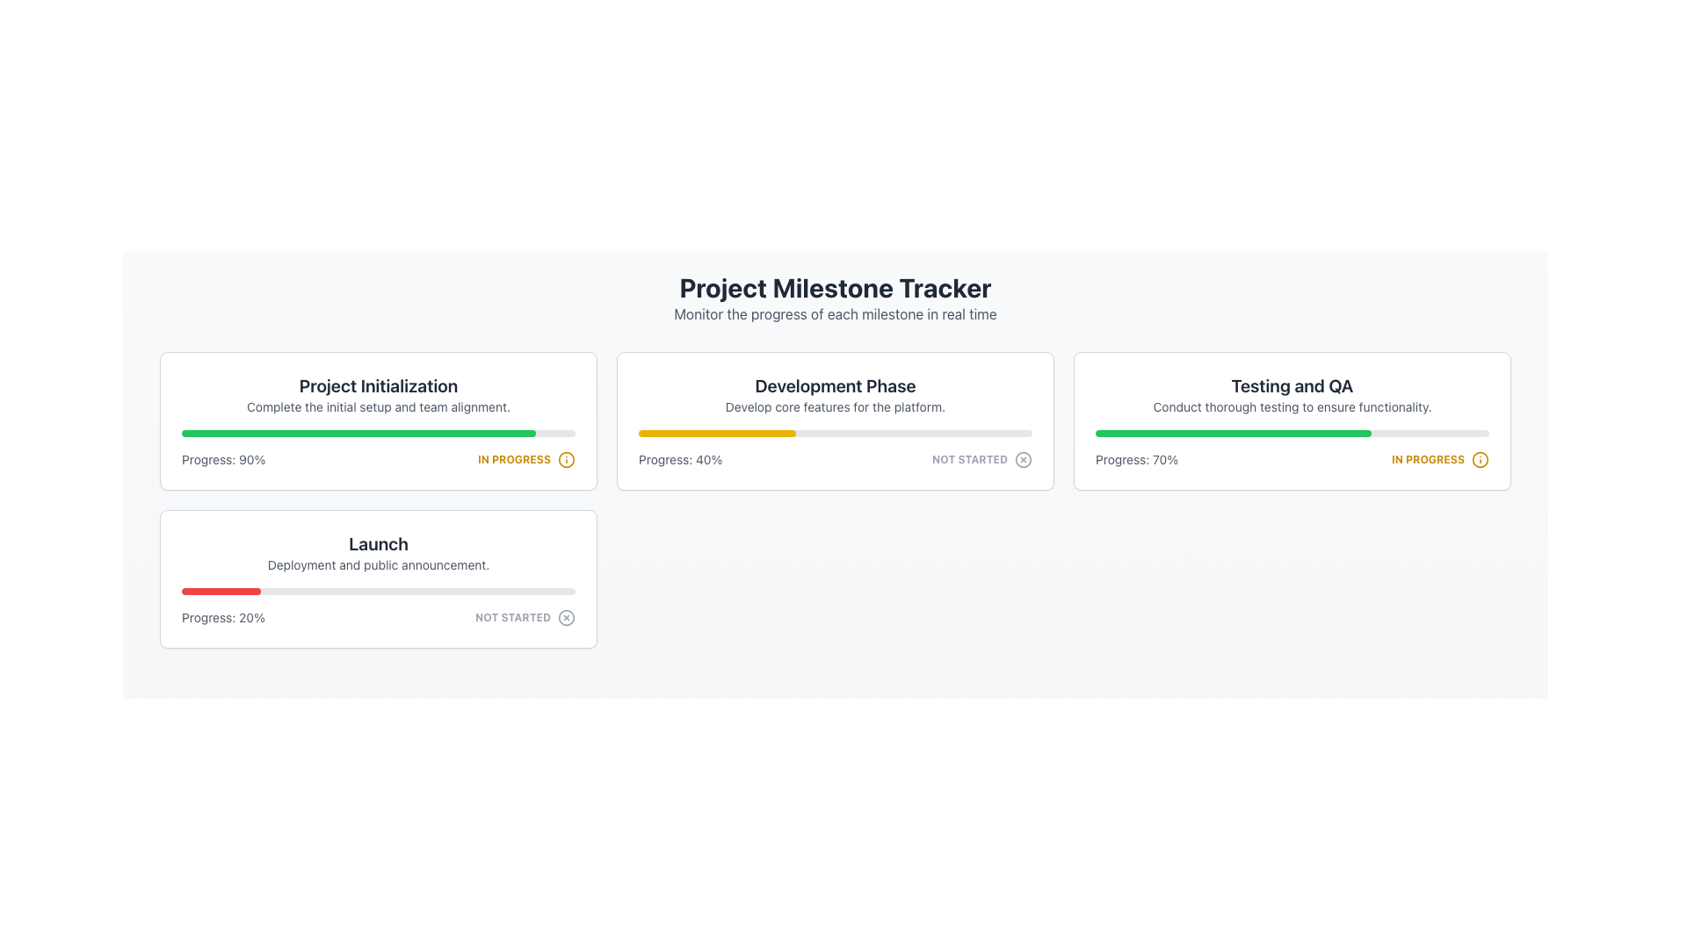  What do you see at coordinates (834, 286) in the screenshot?
I see `main title text header located at the top of the content section, which indicates the purpose of the displayed content` at bounding box center [834, 286].